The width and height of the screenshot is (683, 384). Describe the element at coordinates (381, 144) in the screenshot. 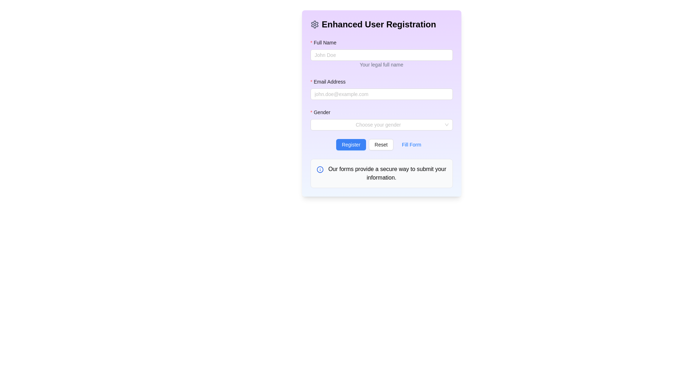

I see `the 'Reset' button, which is a secondary button with an outlined border and white background, located between the 'Register' button and the 'Fill Form' button in the form interface` at that location.